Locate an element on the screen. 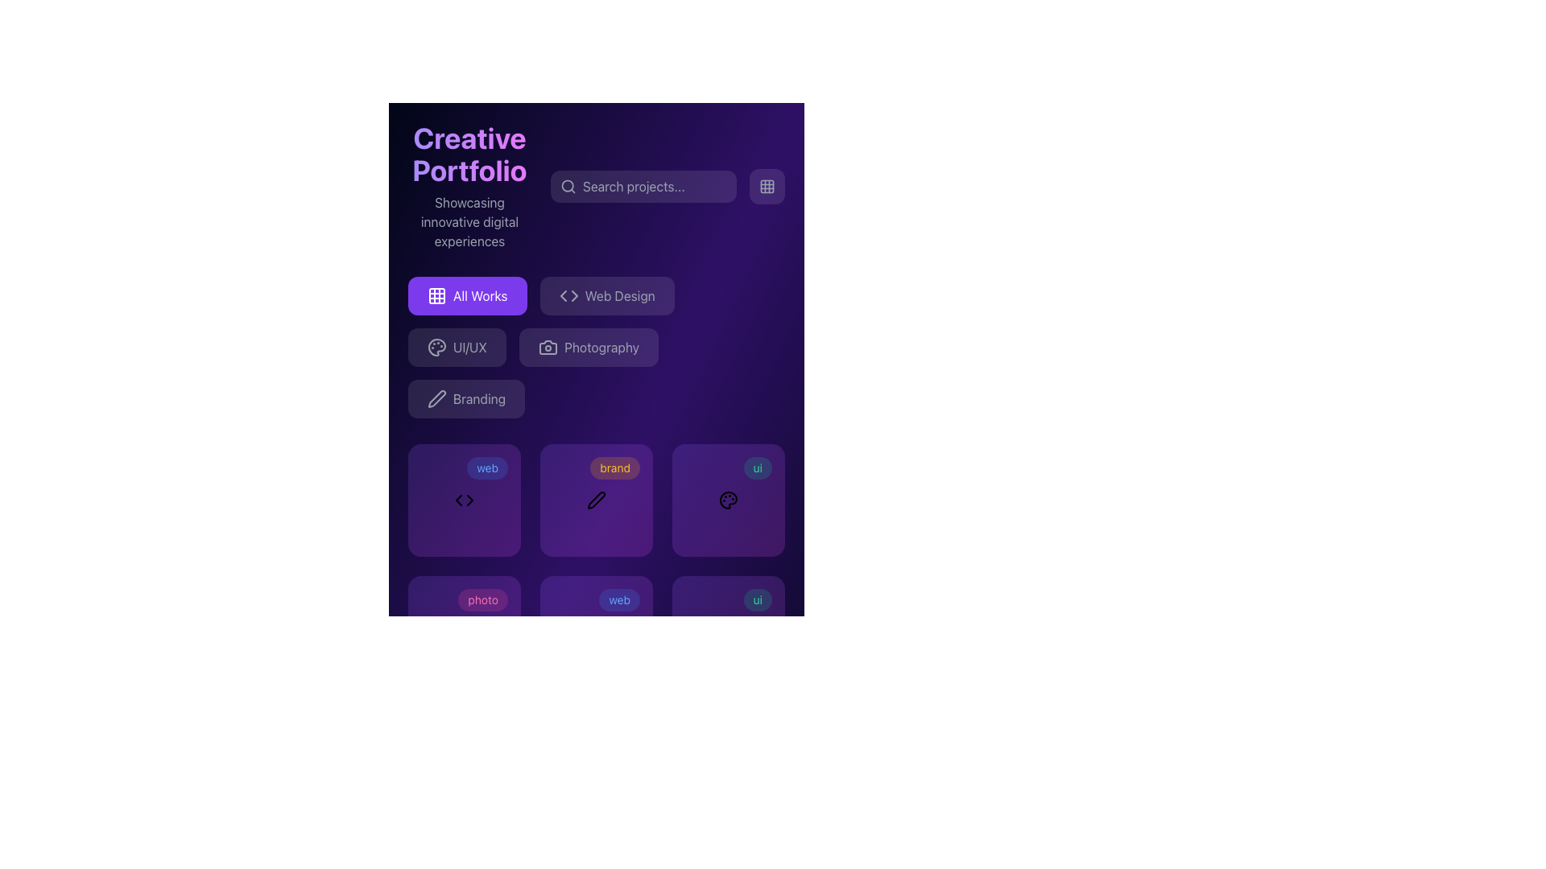  the palette icon located in the bottom right quadrant of the user interface, which represents a color-related function is located at coordinates (728, 499).